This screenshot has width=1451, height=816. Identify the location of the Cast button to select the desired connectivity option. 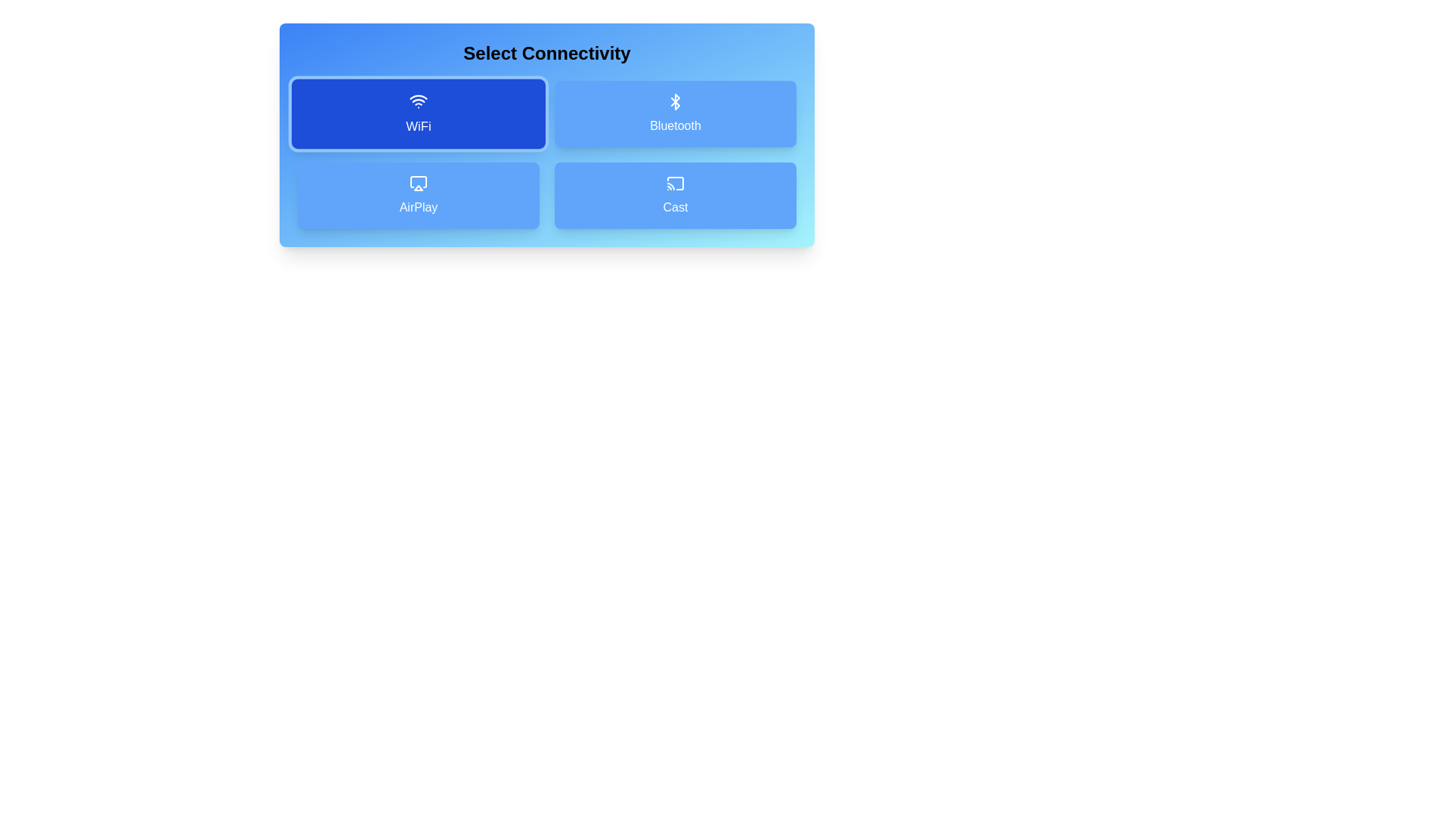
(674, 194).